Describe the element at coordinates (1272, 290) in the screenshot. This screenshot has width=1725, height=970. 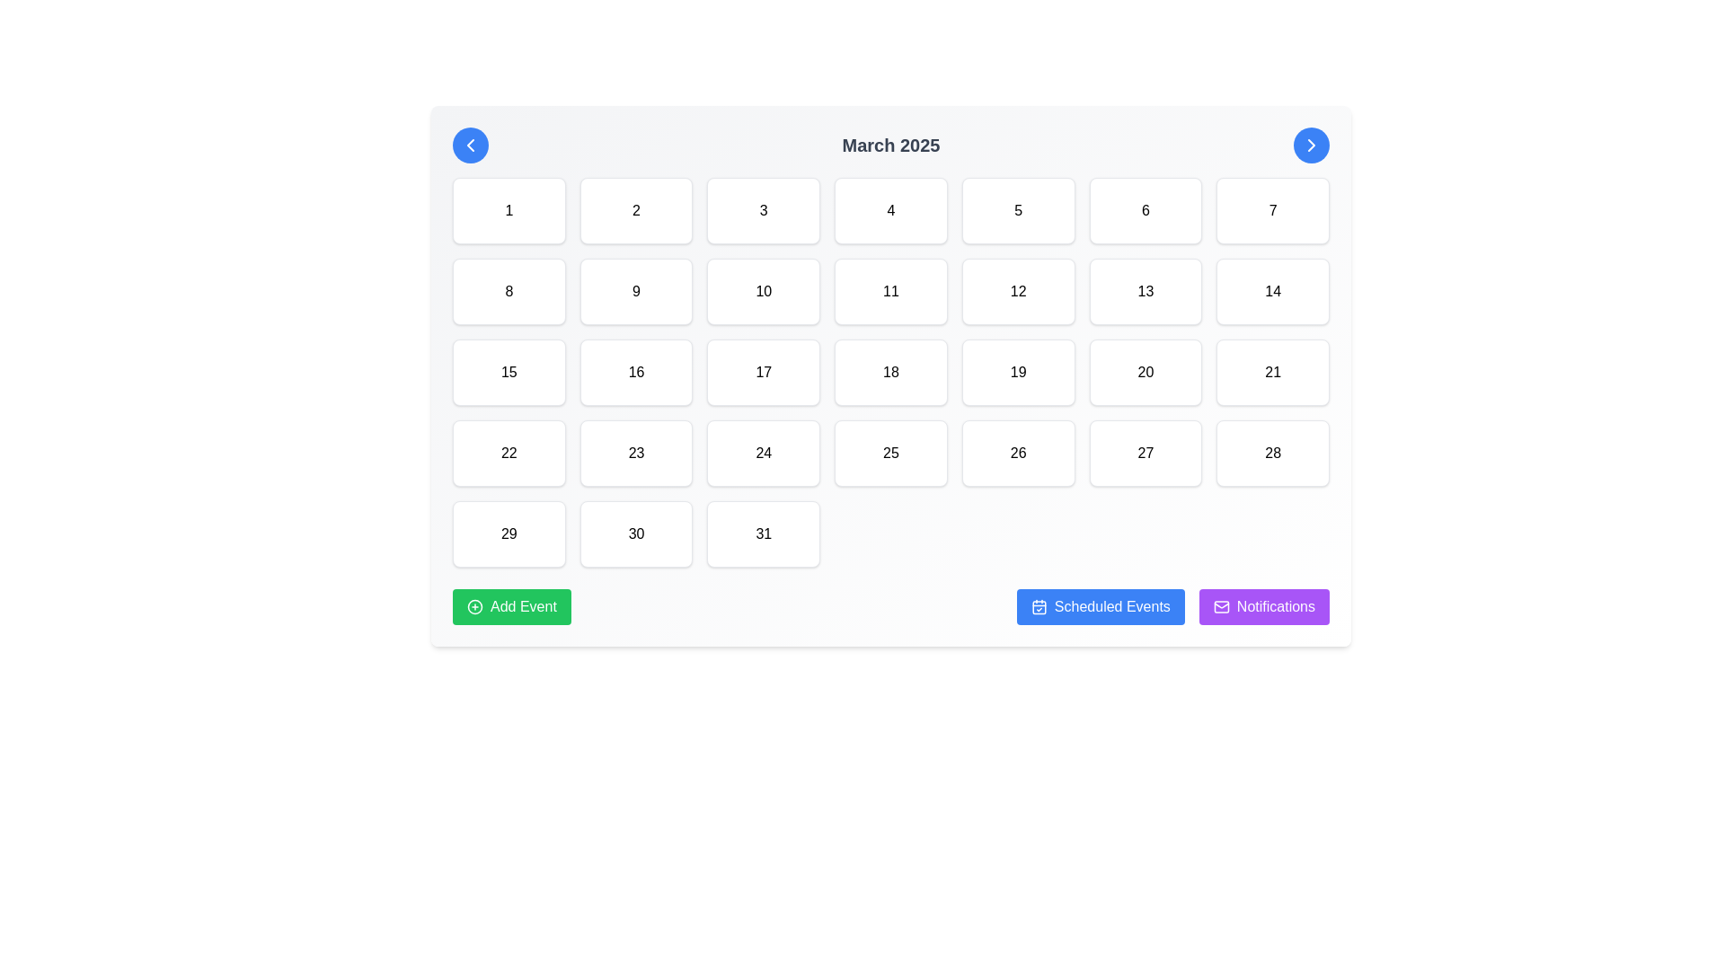
I see `the static text display element styled as a button, which contains the number '14' in a calendar grid layout for March 2025` at that location.